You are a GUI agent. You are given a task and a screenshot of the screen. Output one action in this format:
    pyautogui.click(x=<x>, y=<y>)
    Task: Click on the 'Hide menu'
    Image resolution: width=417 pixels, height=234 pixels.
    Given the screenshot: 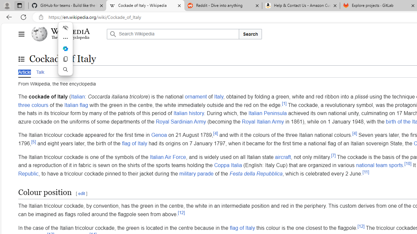 What is the action you would take?
    pyautogui.click(x=65, y=28)
    